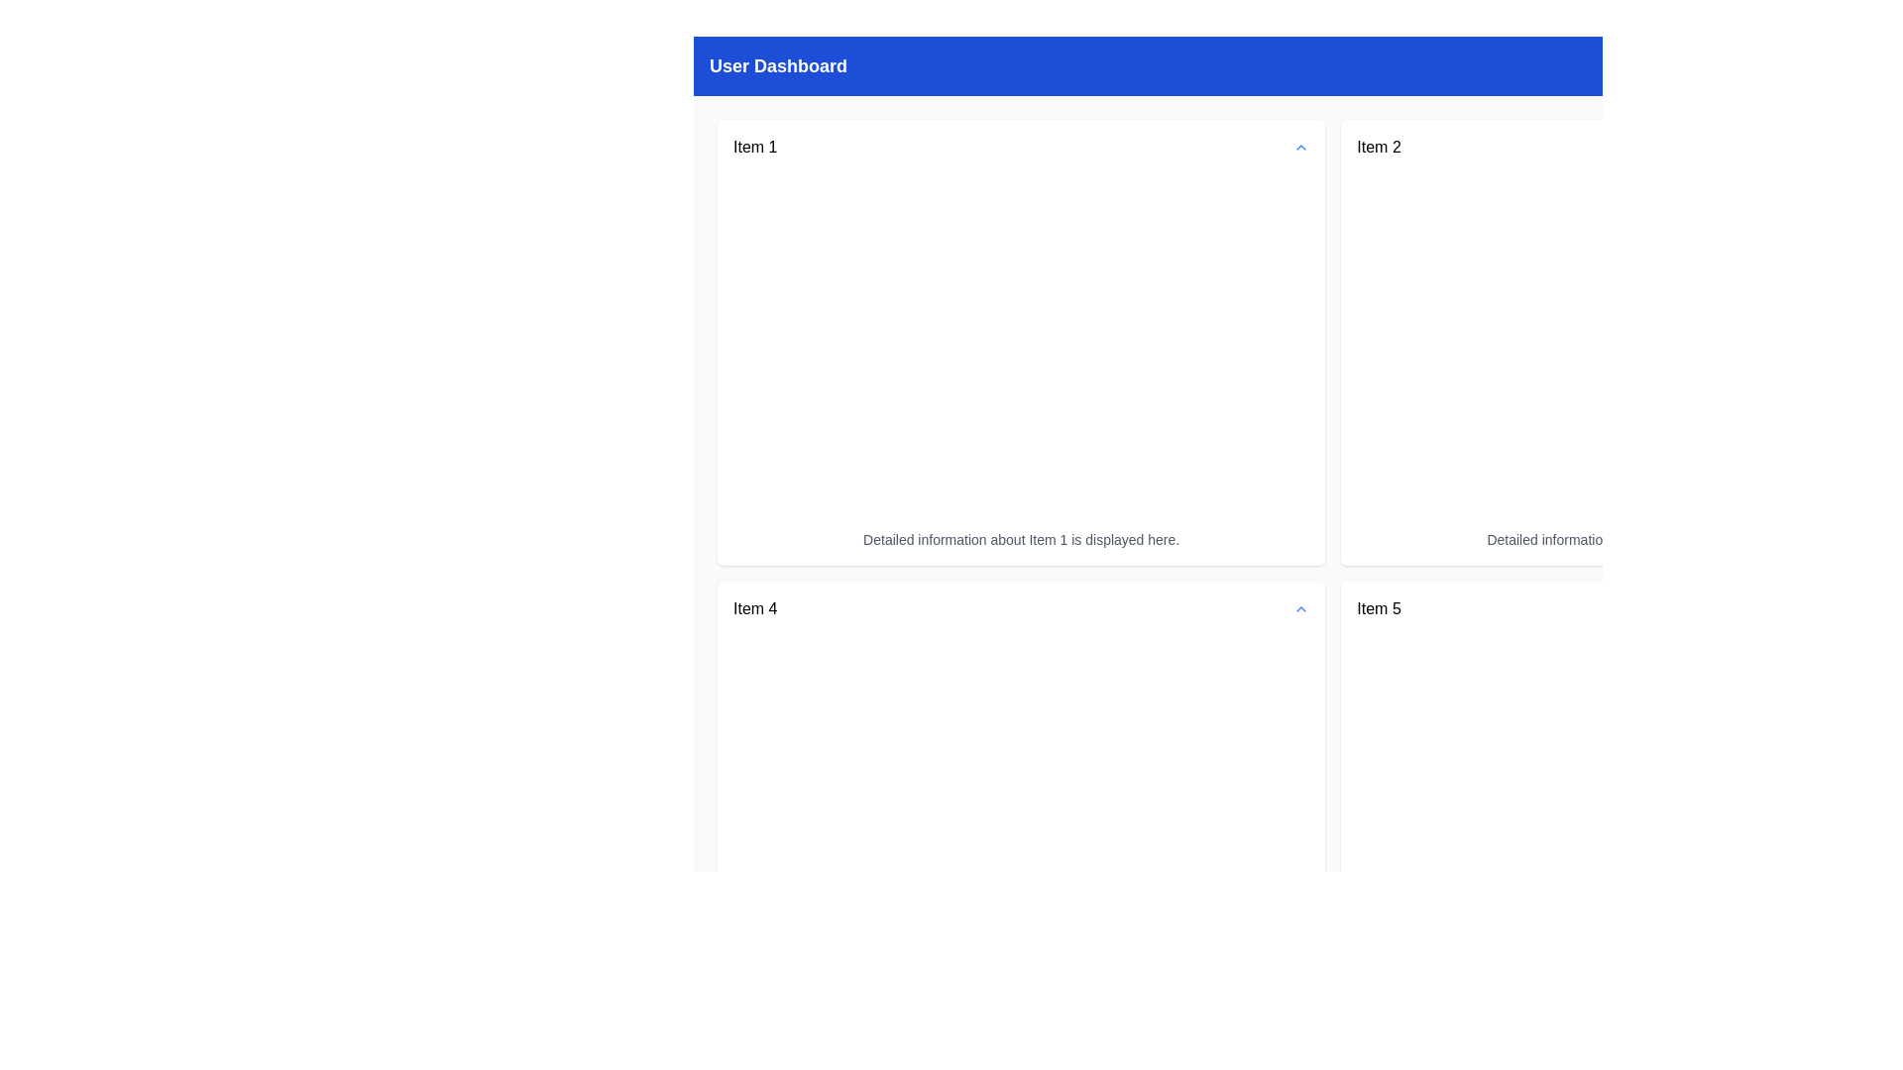 This screenshot has height=1070, width=1903. Describe the element at coordinates (1378, 607) in the screenshot. I see `the text label displaying 'Item 5' in bold black font located in the right-bottom section of the layout` at that location.